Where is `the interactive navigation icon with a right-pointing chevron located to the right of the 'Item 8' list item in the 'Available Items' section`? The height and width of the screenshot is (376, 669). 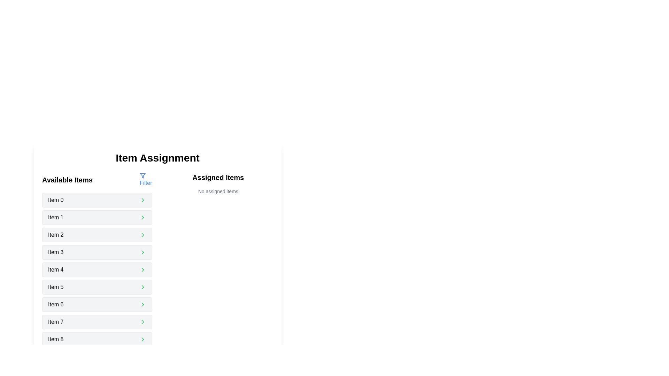
the interactive navigation icon with a right-pointing chevron located to the right of the 'Item 8' list item in the 'Available Items' section is located at coordinates (142, 339).